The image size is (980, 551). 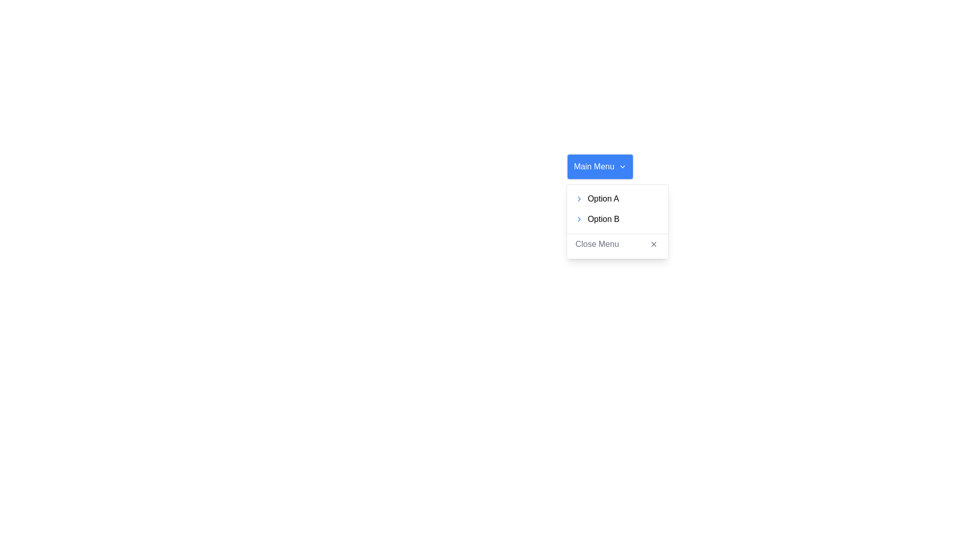 I want to click on the dropdown menu option labeled 'Option B', so click(x=617, y=221).